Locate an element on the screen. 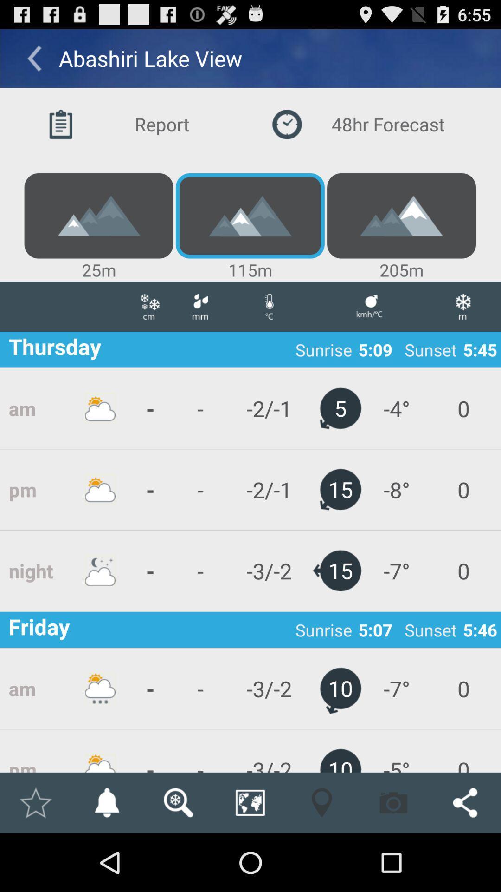 Image resolution: width=501 pixels, height=892 pixels. the button next to the report is located at coordinates (363, 124).